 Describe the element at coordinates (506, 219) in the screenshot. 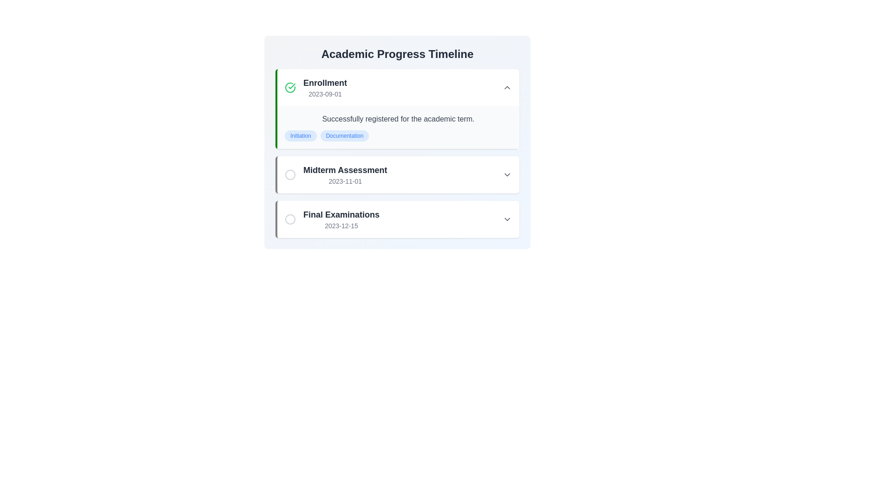

I see `the Chevron Down icon located at the far-right end of the 'Final Examinations' section` at that location.